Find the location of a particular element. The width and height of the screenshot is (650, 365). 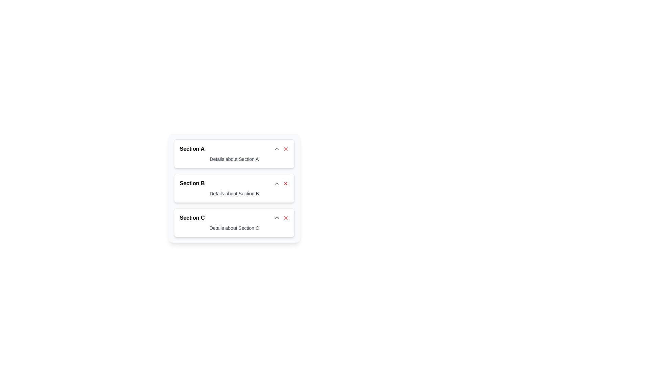

the diagonal cross ('X') icon button in the top-right corner of 'Section C' to receive a tooltip or effect is located at coordinates (286, 218).